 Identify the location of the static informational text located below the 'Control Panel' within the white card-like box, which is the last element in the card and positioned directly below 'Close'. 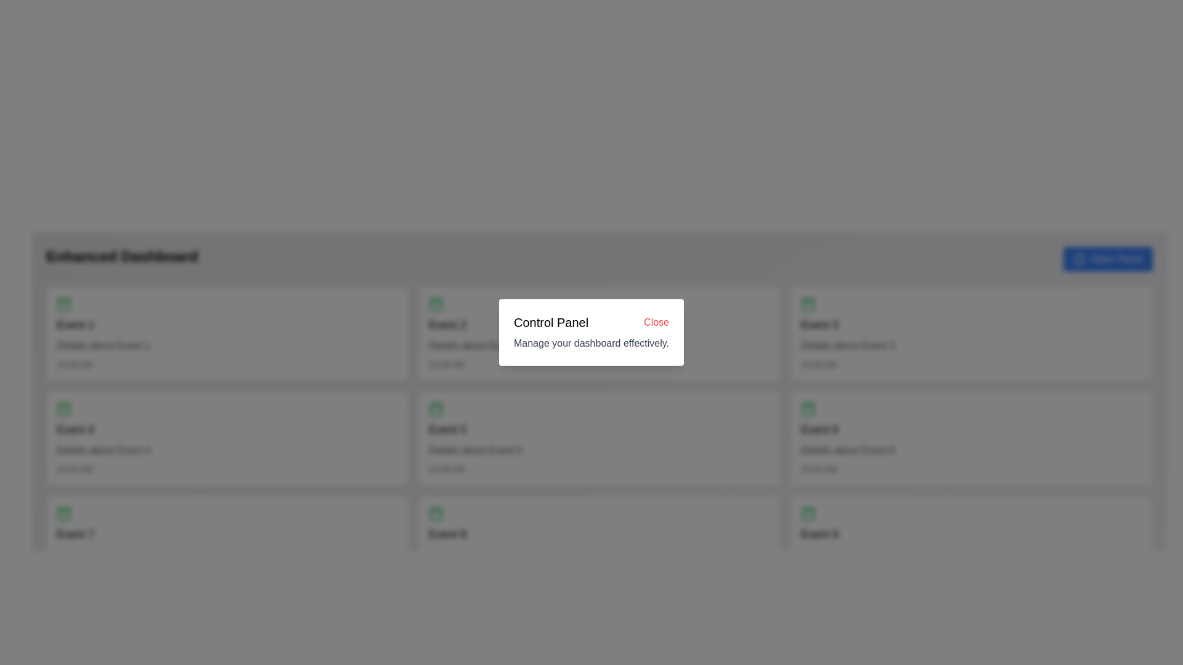
(591, 344).